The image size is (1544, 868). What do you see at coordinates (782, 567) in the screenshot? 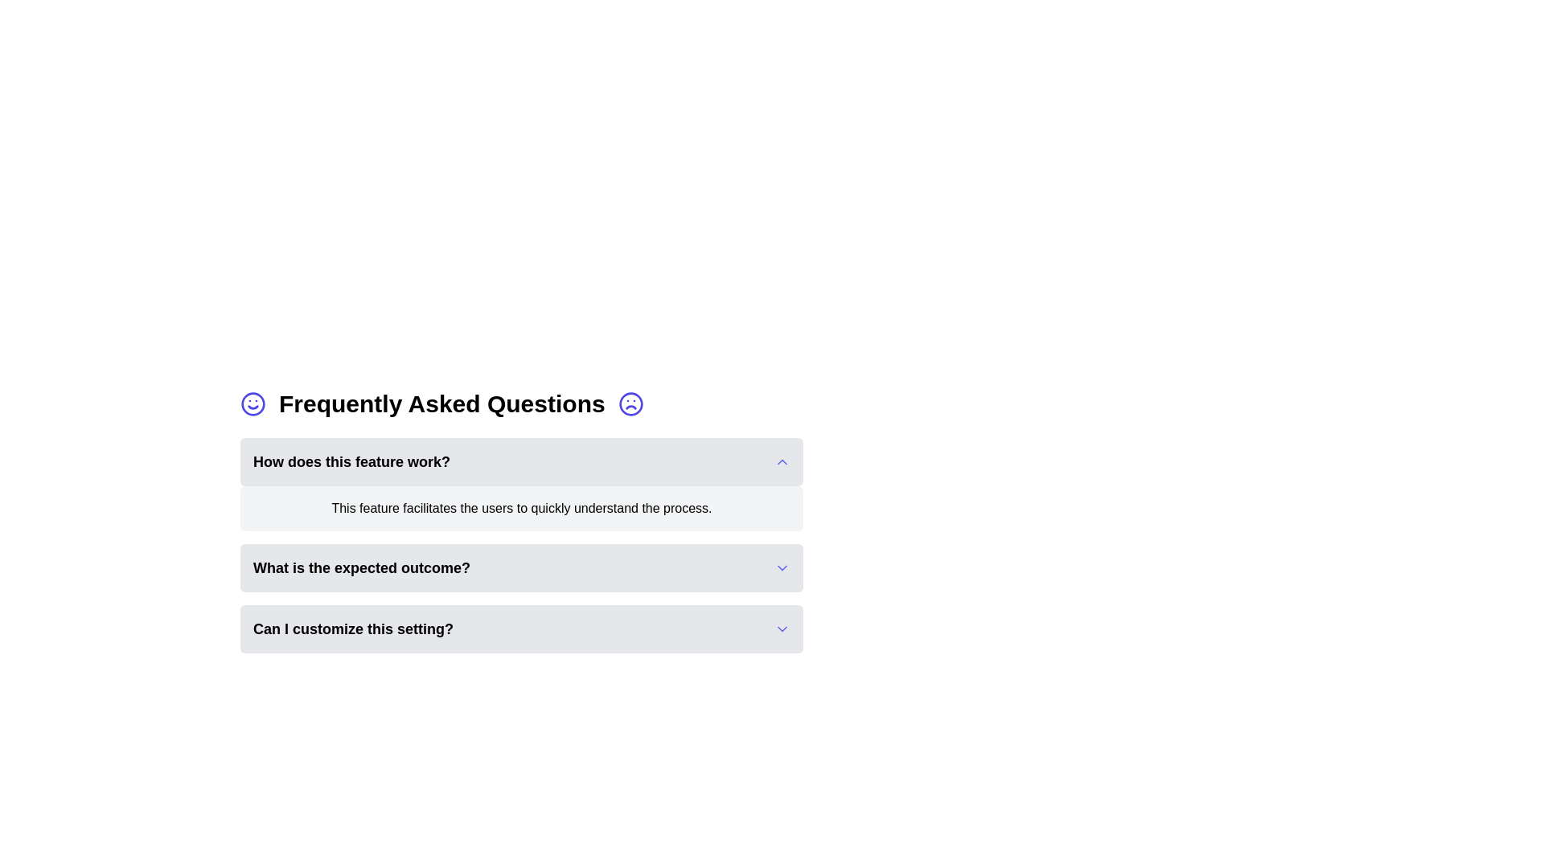
I see `the small indigo chevron icon located to the right of the text 'What is the expected outcome?'` at bounding box center [782, 567].